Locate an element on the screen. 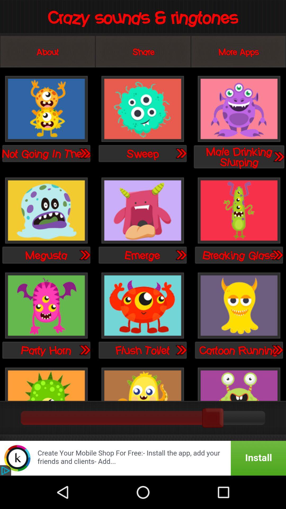 The height and width of the screenshot is (509, 286). party horn sound is located at coordinates (46, 306).